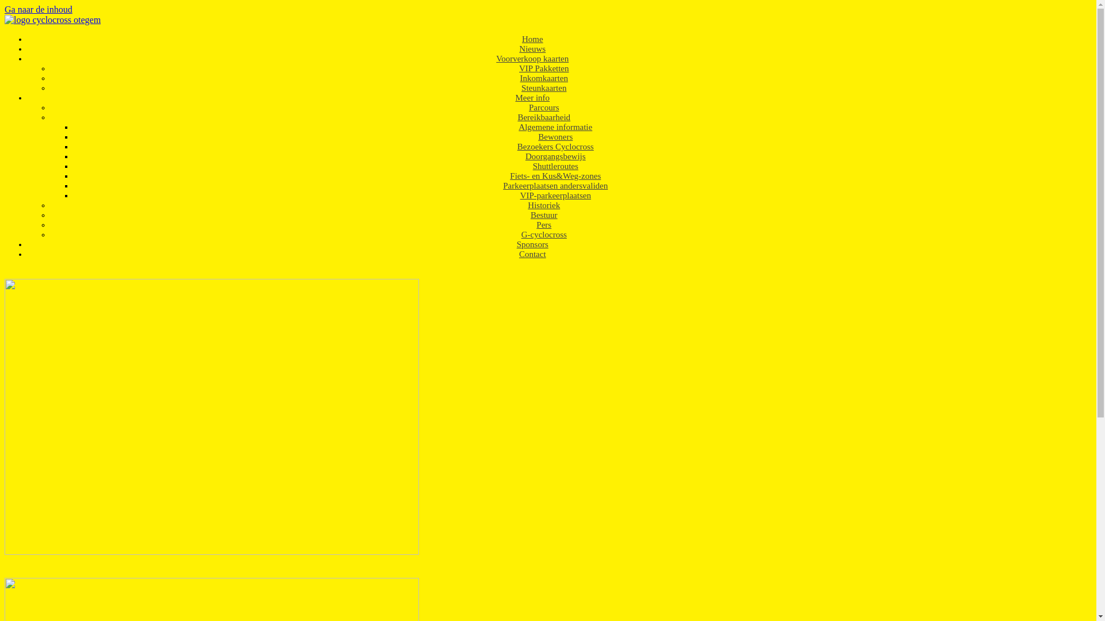 The image size is (1105, 621). Describe the element at coordinates (519, 107) in the screenshot. I see `'Parcours'` at that location.